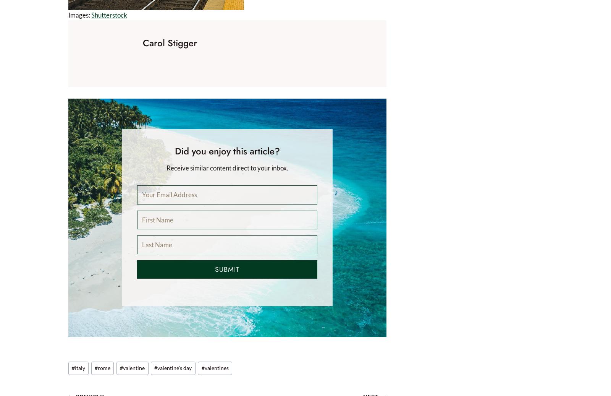 This screenshot has width=611, height=396. I want to click on 'Carol Stigger', so click(169, 43).